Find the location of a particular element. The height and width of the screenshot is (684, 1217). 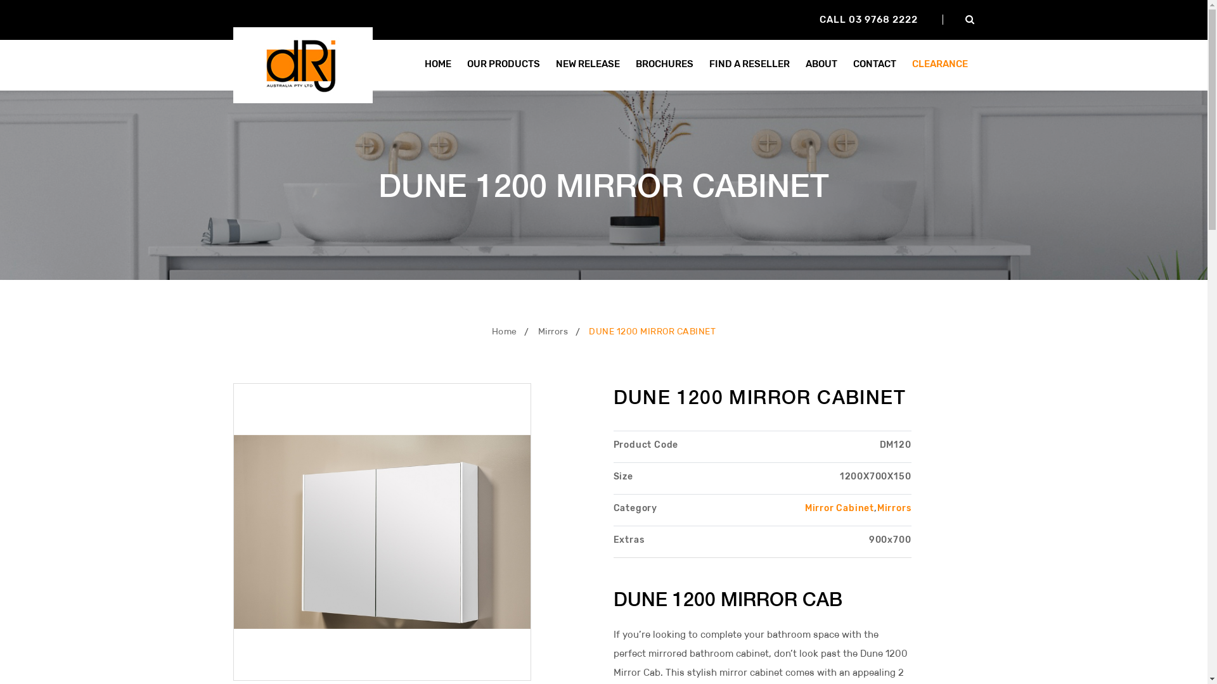

'CLEARANCE' is located at coordinates (905, 64).